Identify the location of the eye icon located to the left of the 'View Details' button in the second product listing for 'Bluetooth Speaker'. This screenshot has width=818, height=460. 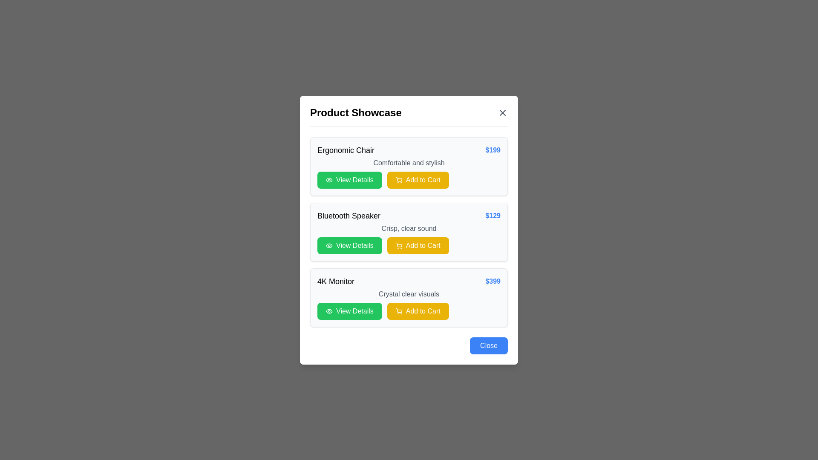
(328, 179).